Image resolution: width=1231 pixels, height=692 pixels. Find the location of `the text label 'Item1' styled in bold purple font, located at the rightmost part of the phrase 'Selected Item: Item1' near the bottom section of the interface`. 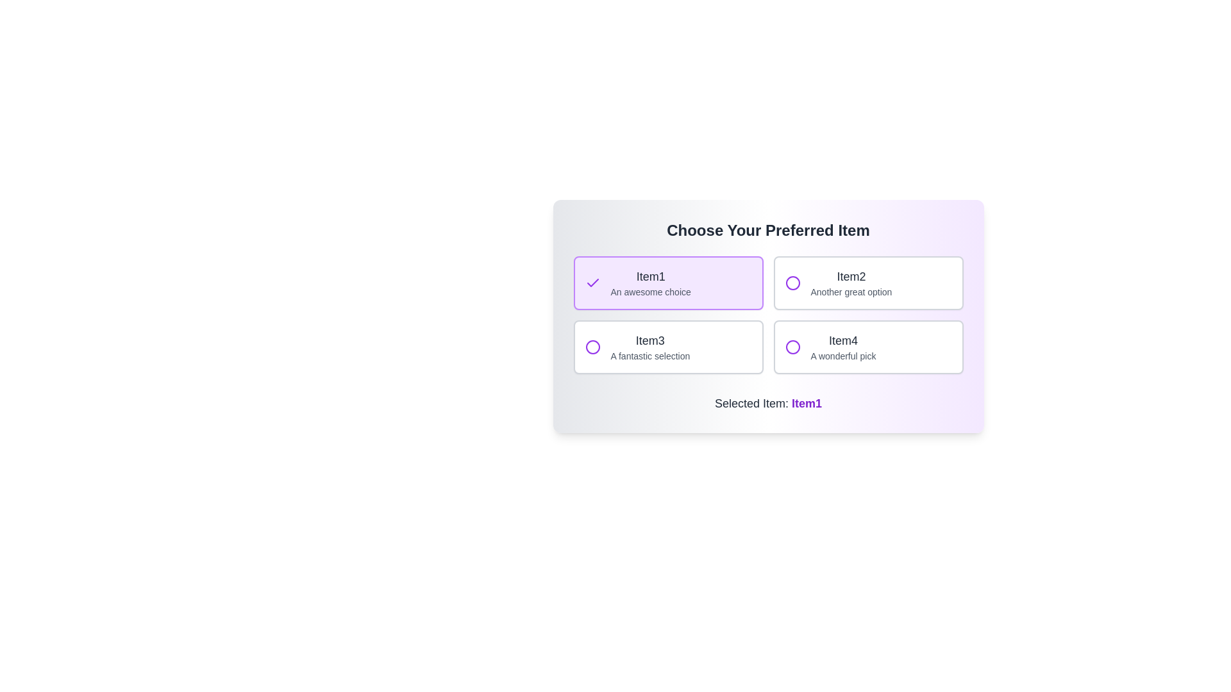

the text label 'Item1' styled in bold purple font, located at the rightmost part of the phrase 'Selected Item: Item1' near the bottom section of the interface is located at coordinates (806, 402).